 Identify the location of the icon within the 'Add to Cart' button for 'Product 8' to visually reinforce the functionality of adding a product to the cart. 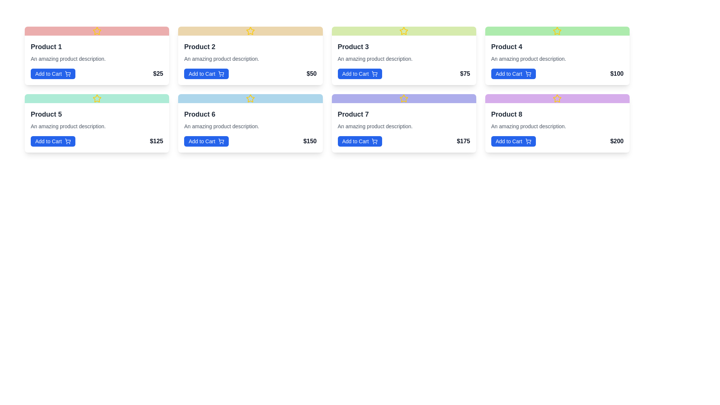
(528, 141).